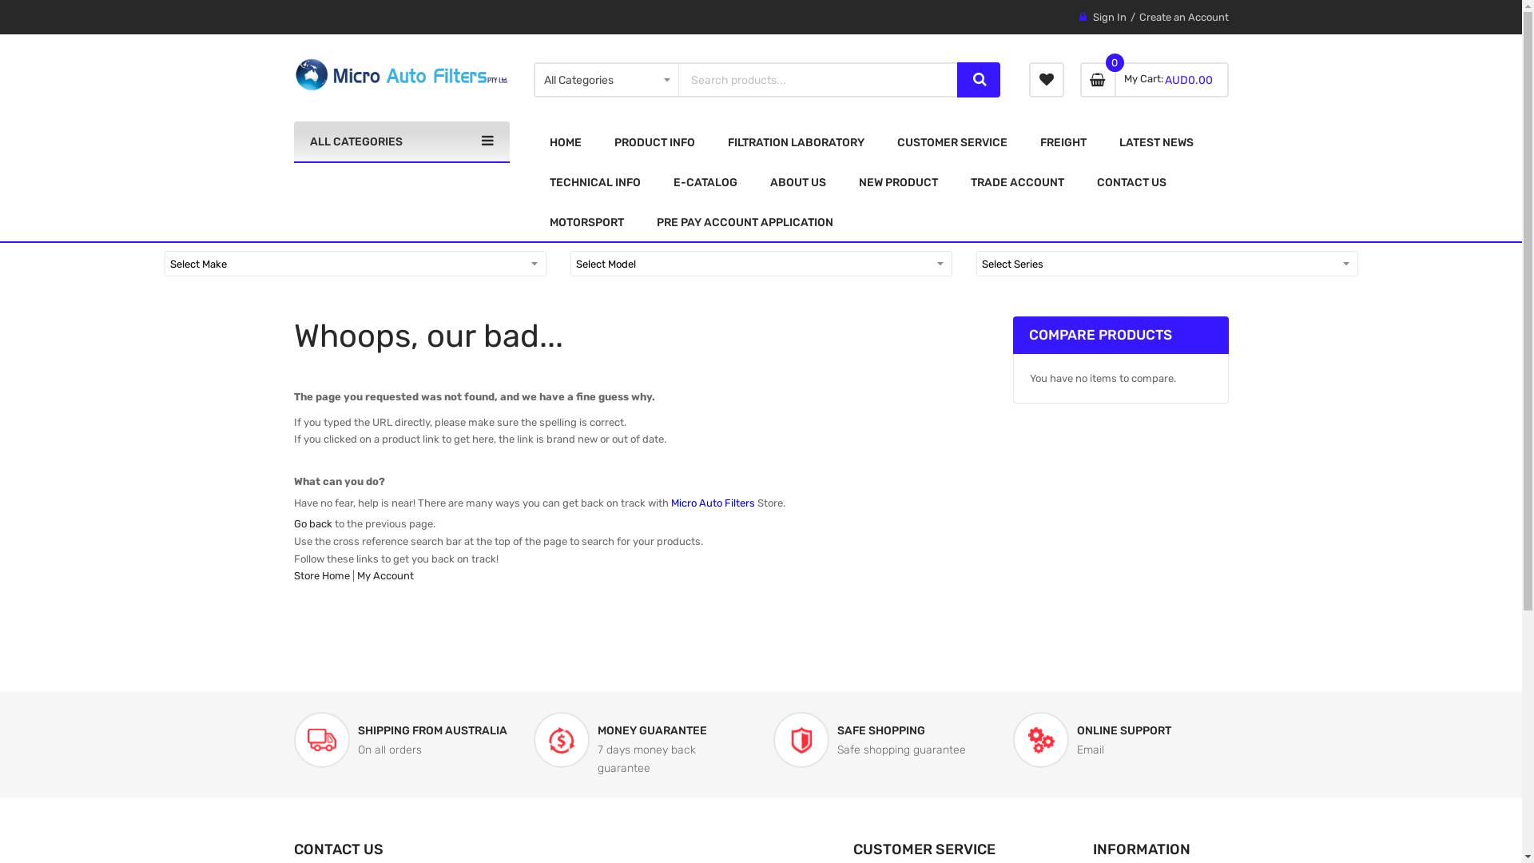 This screenshot has width=1534, height=863. I want to click on 'My Wishlist', so click(1047, 80).